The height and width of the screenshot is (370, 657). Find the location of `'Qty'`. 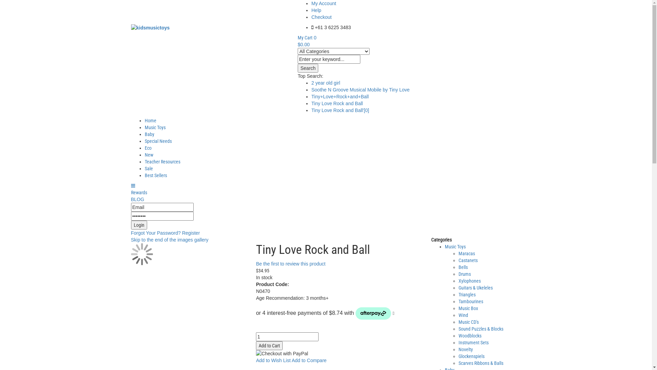

'Qty' is located at coordinates (287, 336).